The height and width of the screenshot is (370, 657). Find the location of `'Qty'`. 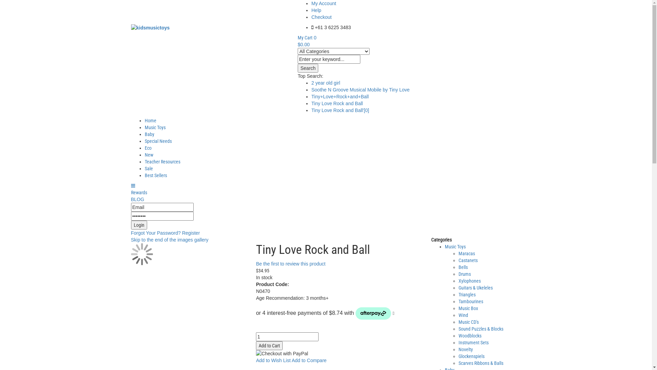

'Qty' is located at coordinates (287, 336).